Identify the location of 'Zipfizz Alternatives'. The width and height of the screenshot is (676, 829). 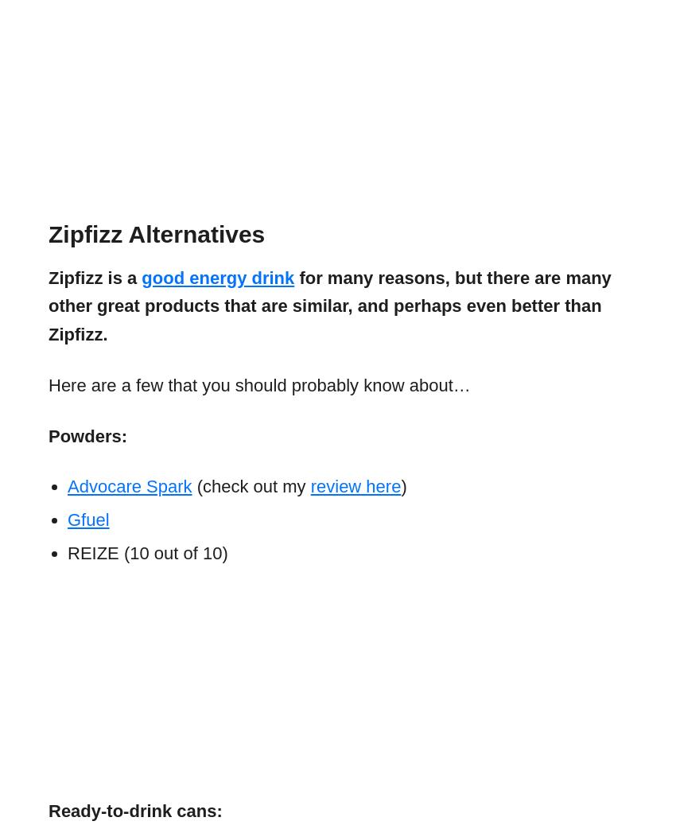
(156, 233).